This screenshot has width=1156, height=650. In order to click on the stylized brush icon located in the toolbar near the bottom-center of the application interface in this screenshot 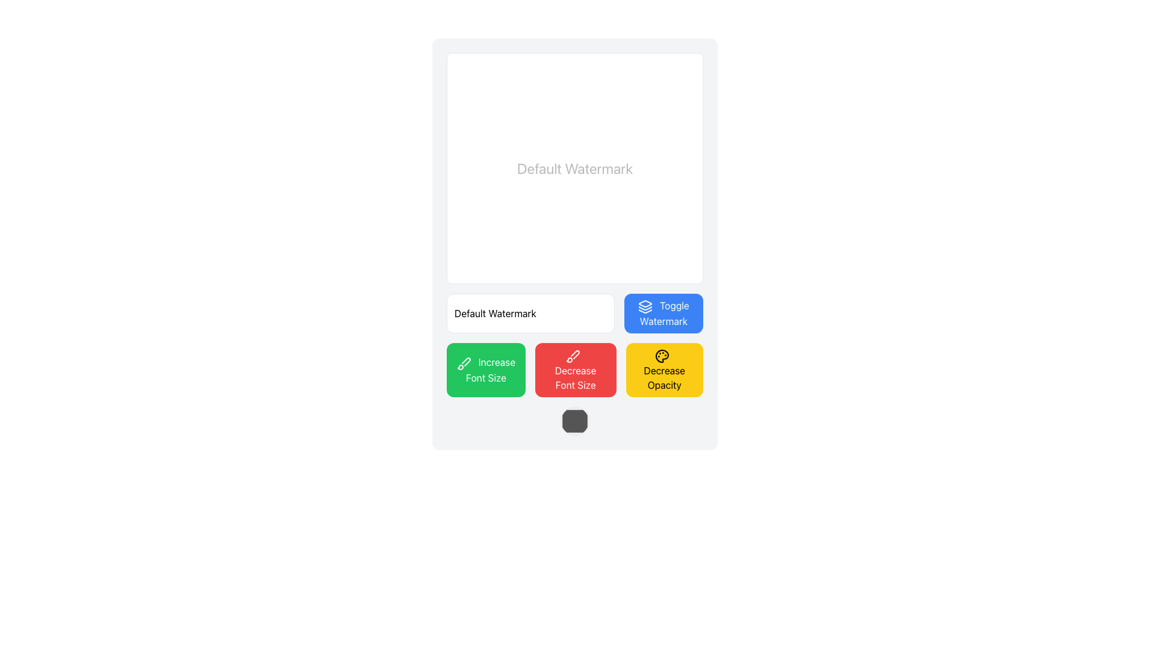, I will do `click(465, 361)`.